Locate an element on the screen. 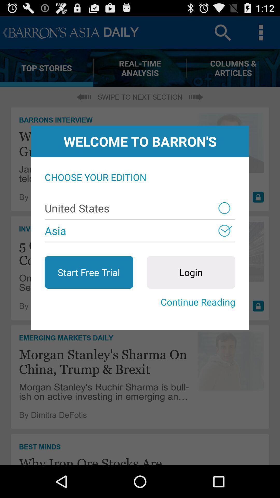 This screenshot has width=280, height=498. the icon on the right is located at coordinates (191, 272).